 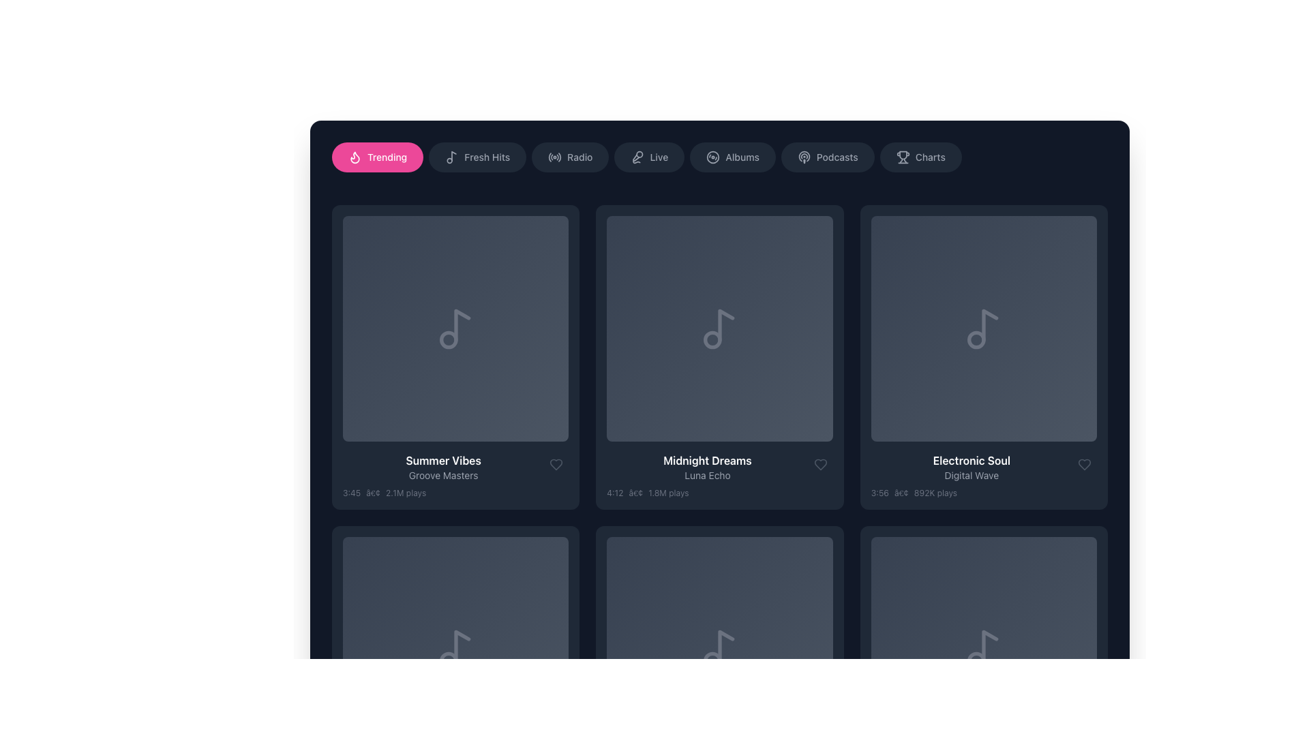 I want to click on text of the 'Radio' label located in the navigation bar, which is styled in light gray against a darker background, indicating its purpose as a navigational link, so click(x=580, y=157).